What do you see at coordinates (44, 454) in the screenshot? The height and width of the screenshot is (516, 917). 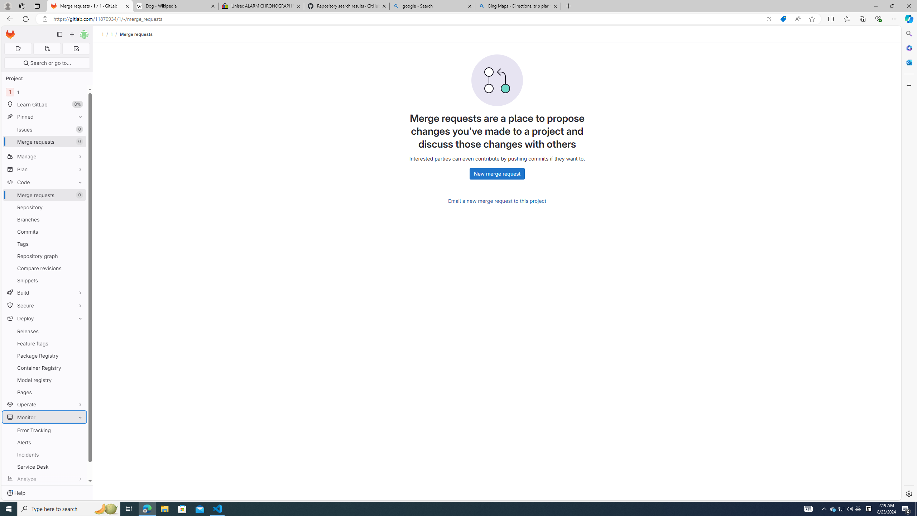 I see `'Incidents'` at bounding box center [44, 454].